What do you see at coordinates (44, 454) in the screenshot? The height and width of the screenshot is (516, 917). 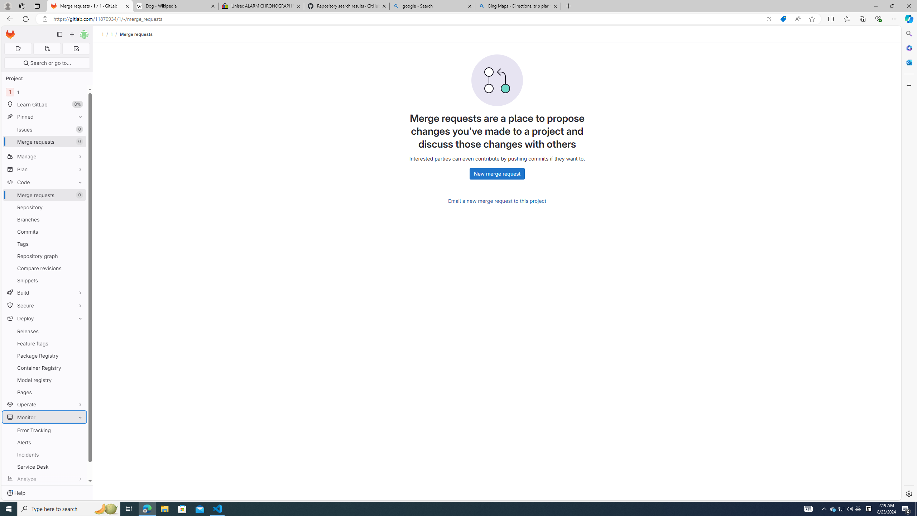 I see `'Incidents'` at bounding box center [44, 454].